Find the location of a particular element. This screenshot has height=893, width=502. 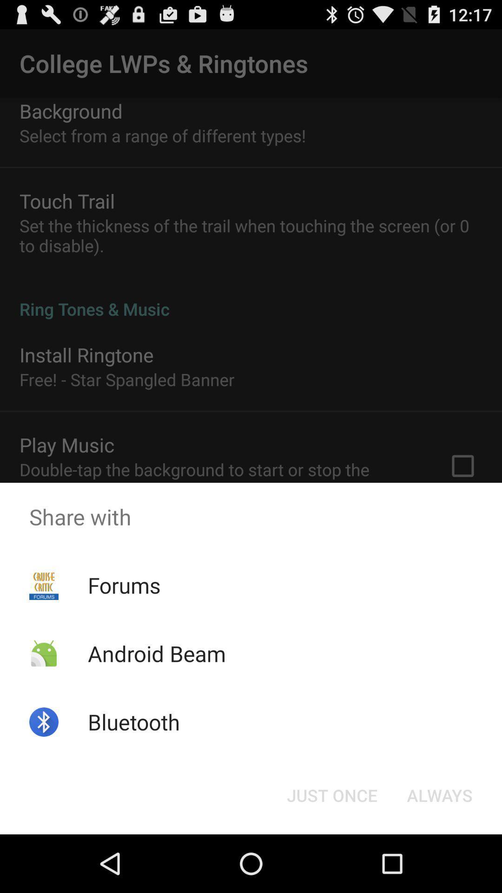

bluetooth item is located at coordinates (134, 721).